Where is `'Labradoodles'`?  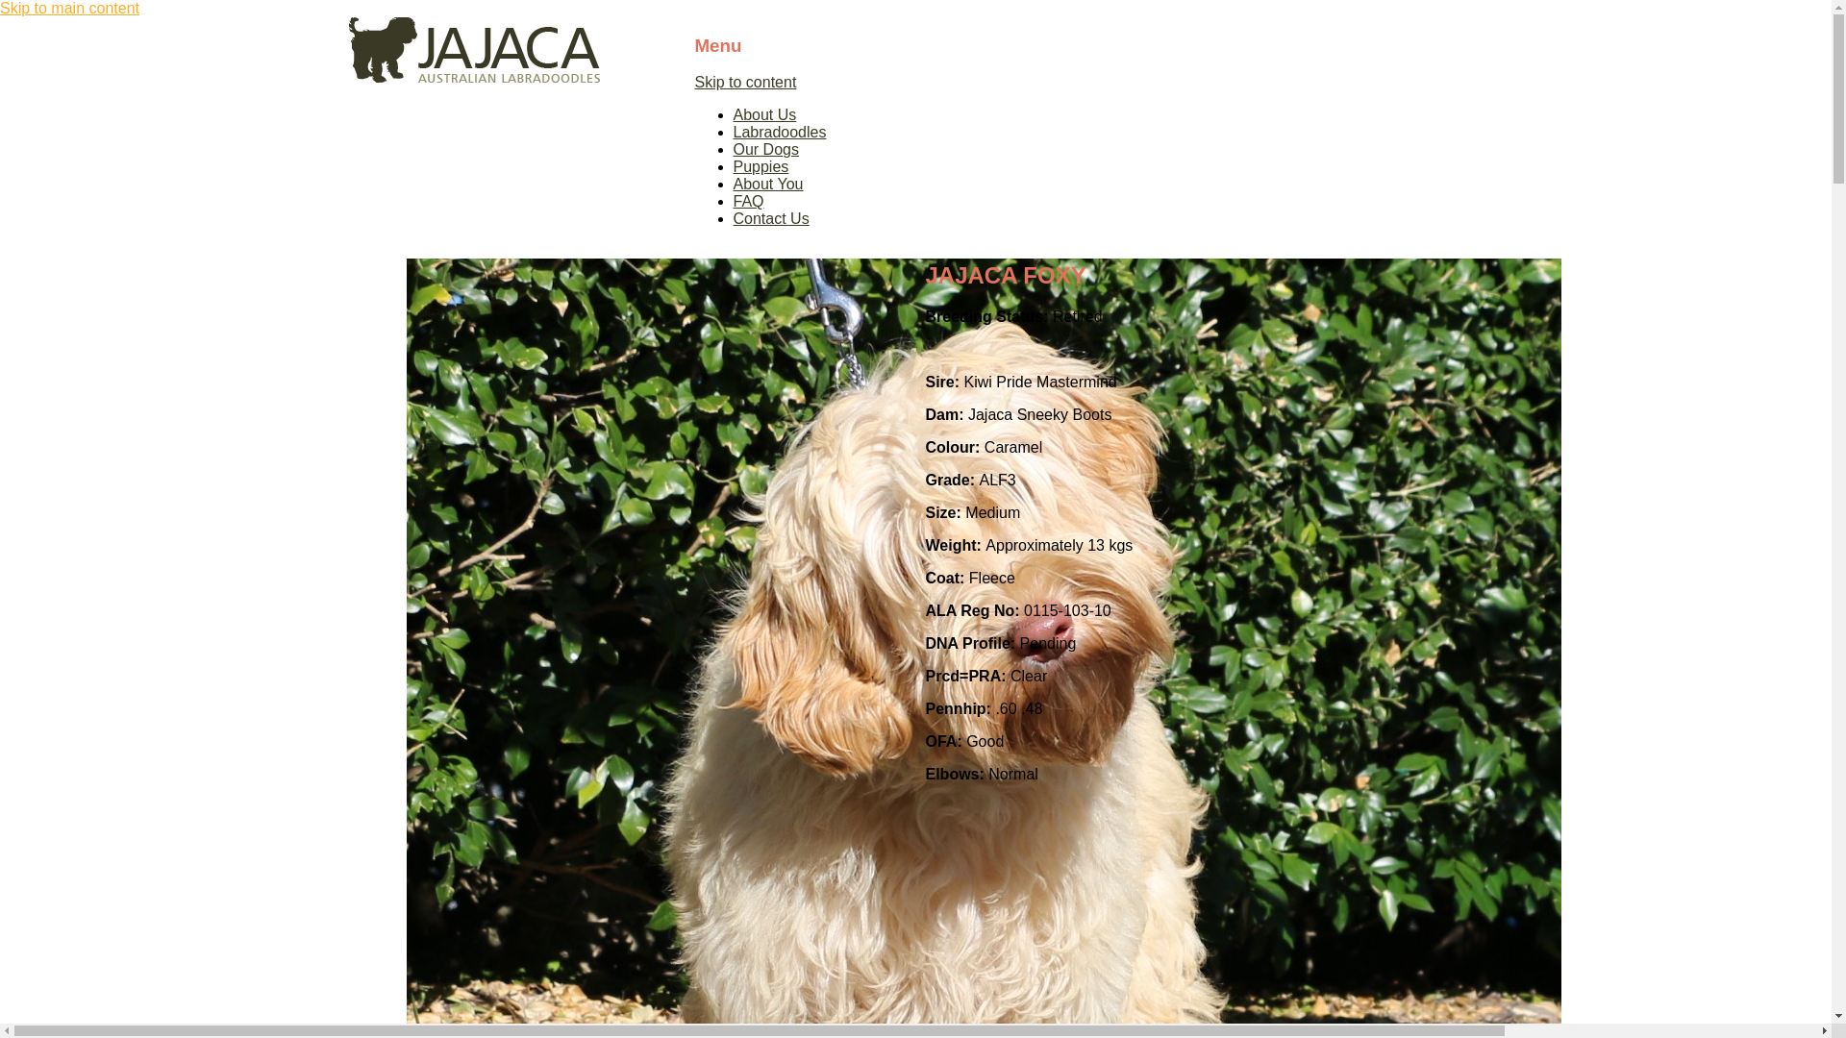 'Labradoodles' is located at coordinates (779, 131).